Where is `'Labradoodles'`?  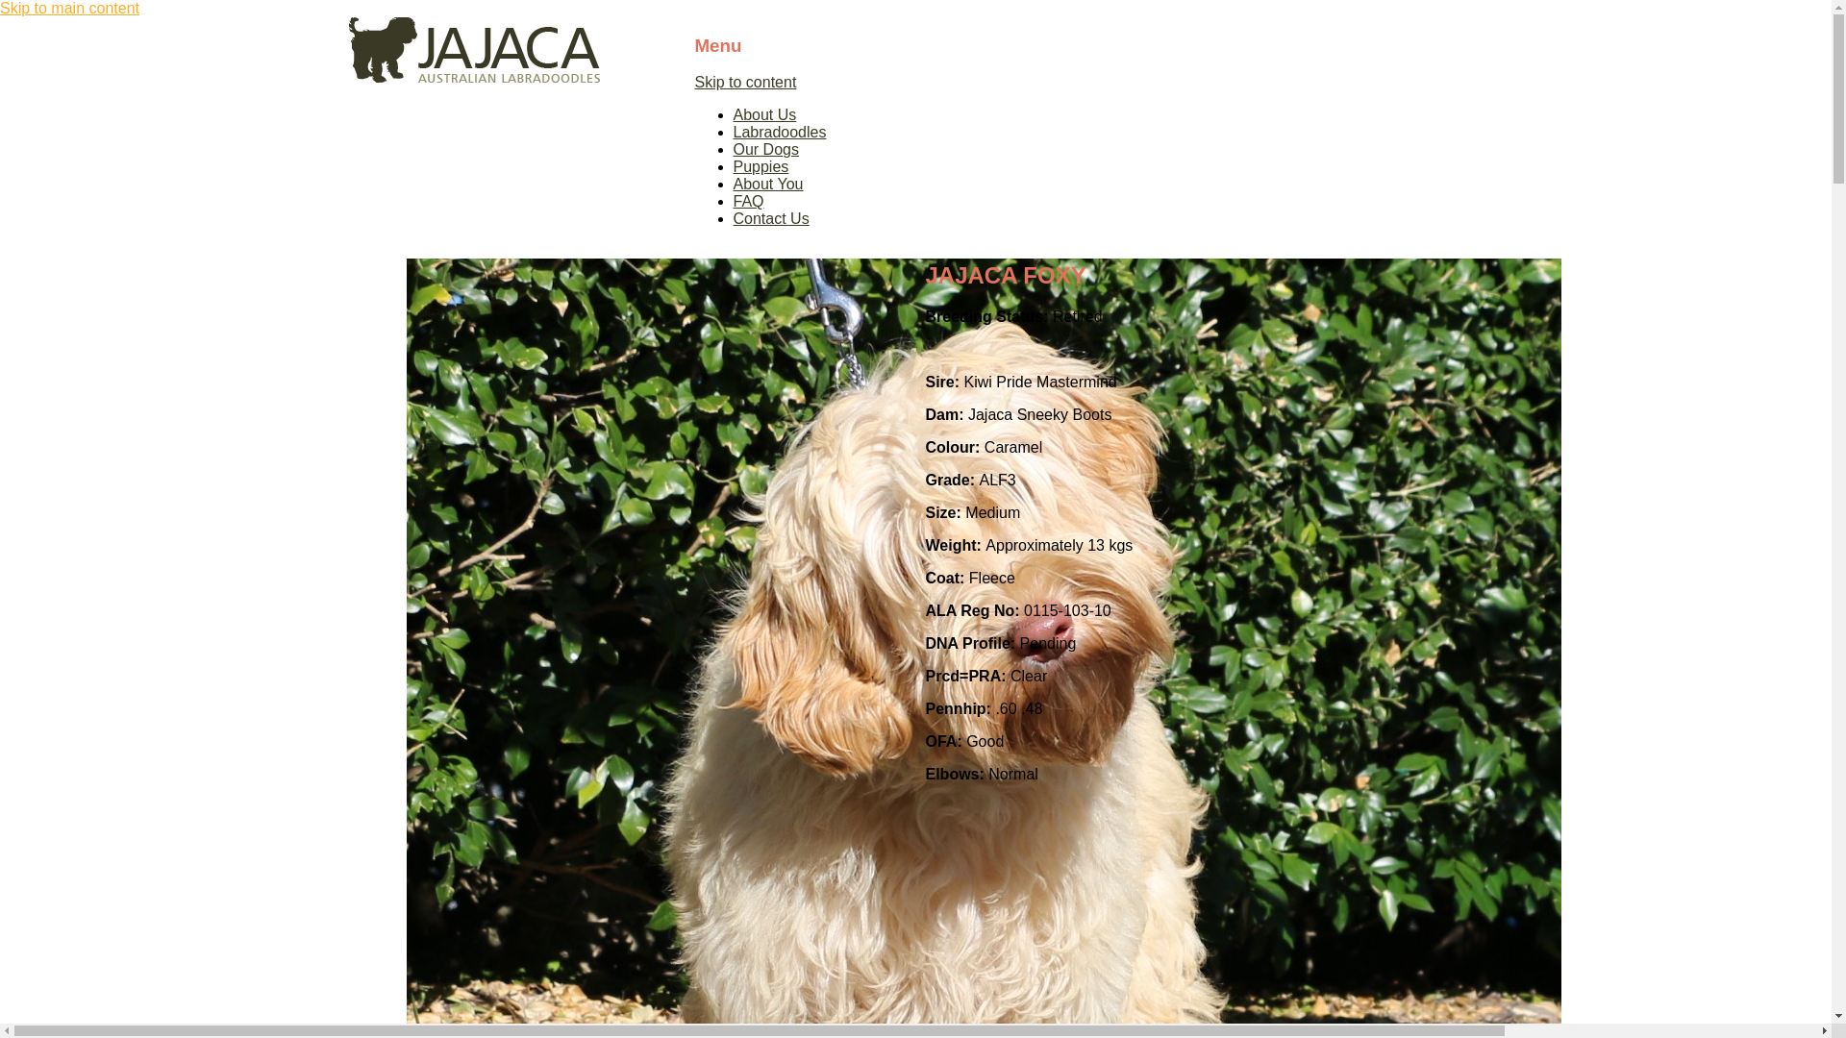 'Labradoodles' is located at coordinates (779, 131).